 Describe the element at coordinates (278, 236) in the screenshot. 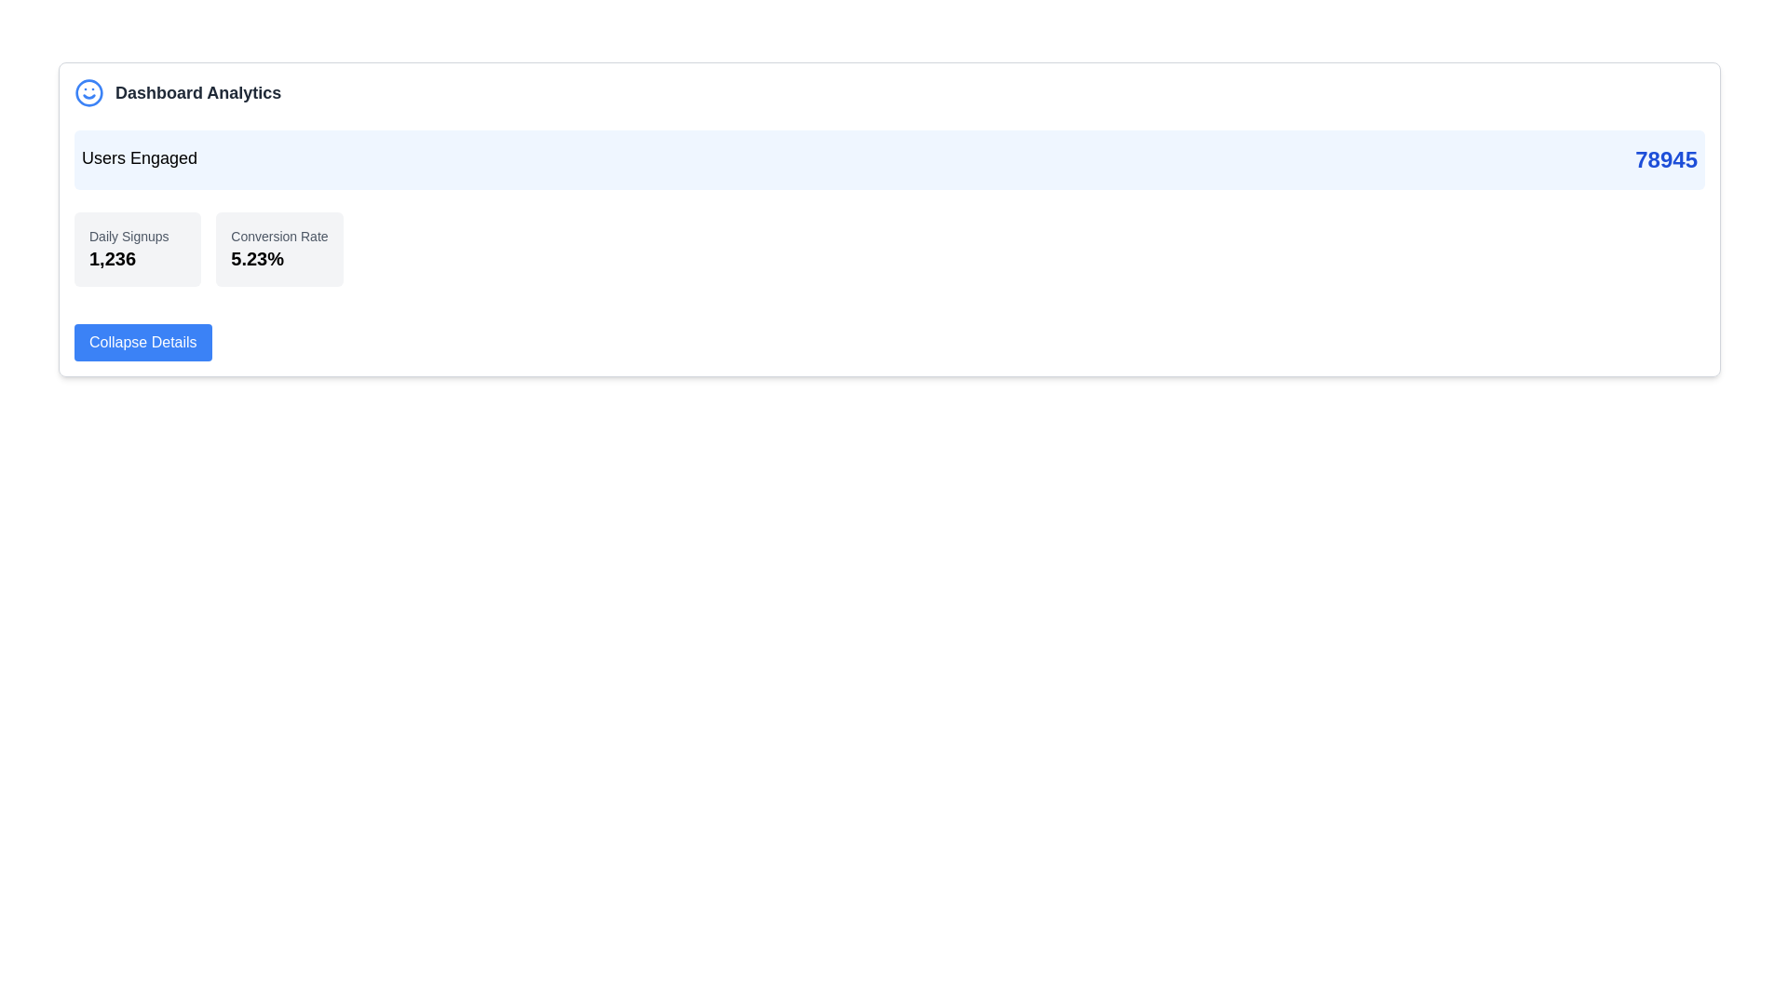

I see `the static text label displaying 'Conversion Rate' in small, gray-colored fonts, which is part of a dashboard display component` at that location.